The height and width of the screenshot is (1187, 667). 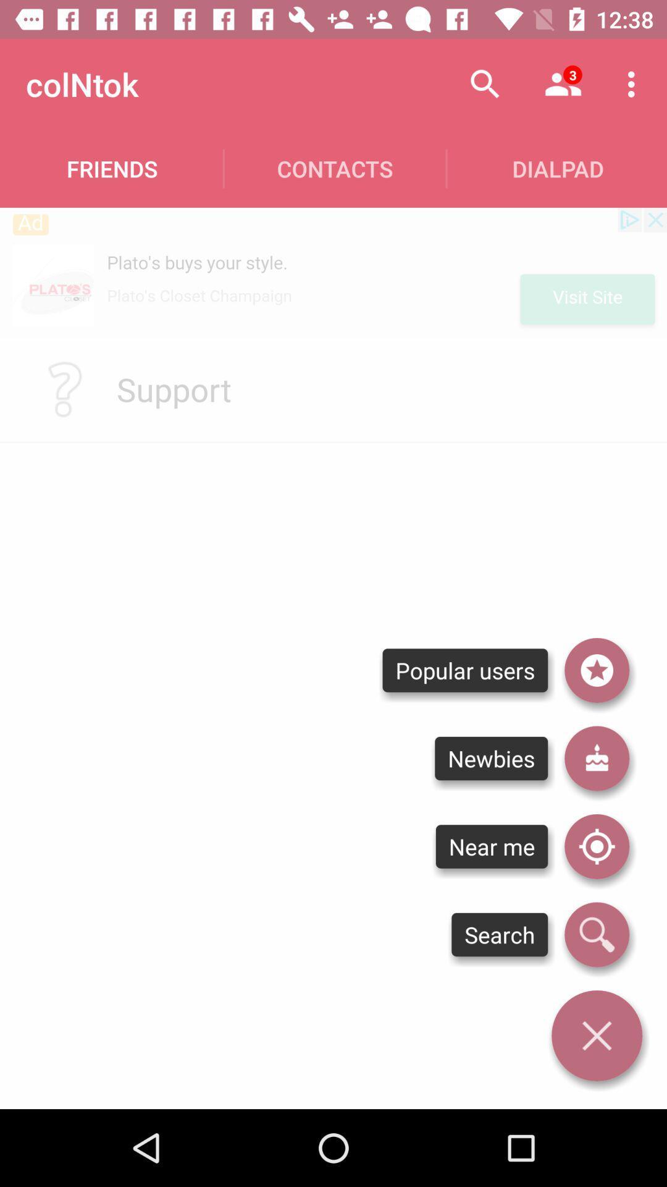 I want to click on the popular users icon, so click(x=465, y=670).